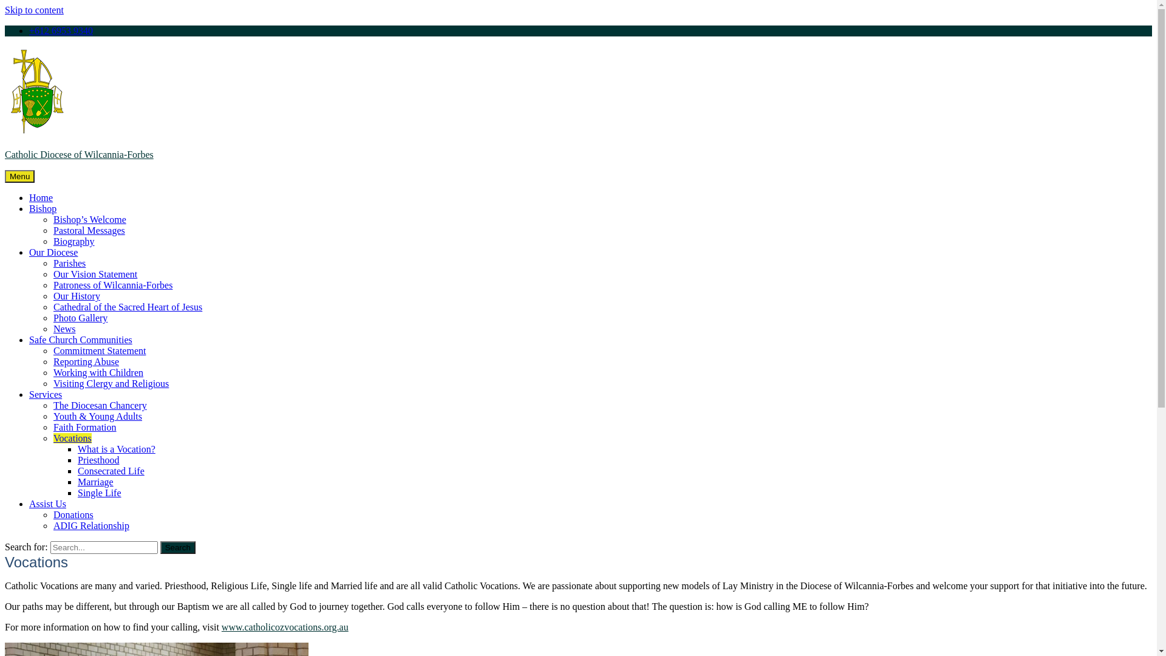 The image size is (1166, 656). What do you see at coordinates (104, 547) in the screenshot?
I see `'Search for:'` at bounding box center [104, 547].